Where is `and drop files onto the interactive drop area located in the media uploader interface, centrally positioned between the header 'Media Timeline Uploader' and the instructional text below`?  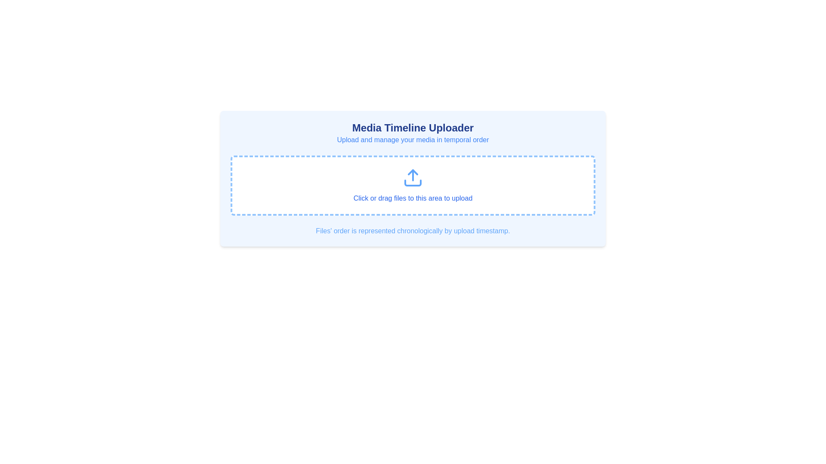 and drop files onto the interactive drop area located in the media uploader interface, centrally positioned between the header 'Media Timeline Uploader' and the instructional text below is located at coordinates (413, 185).